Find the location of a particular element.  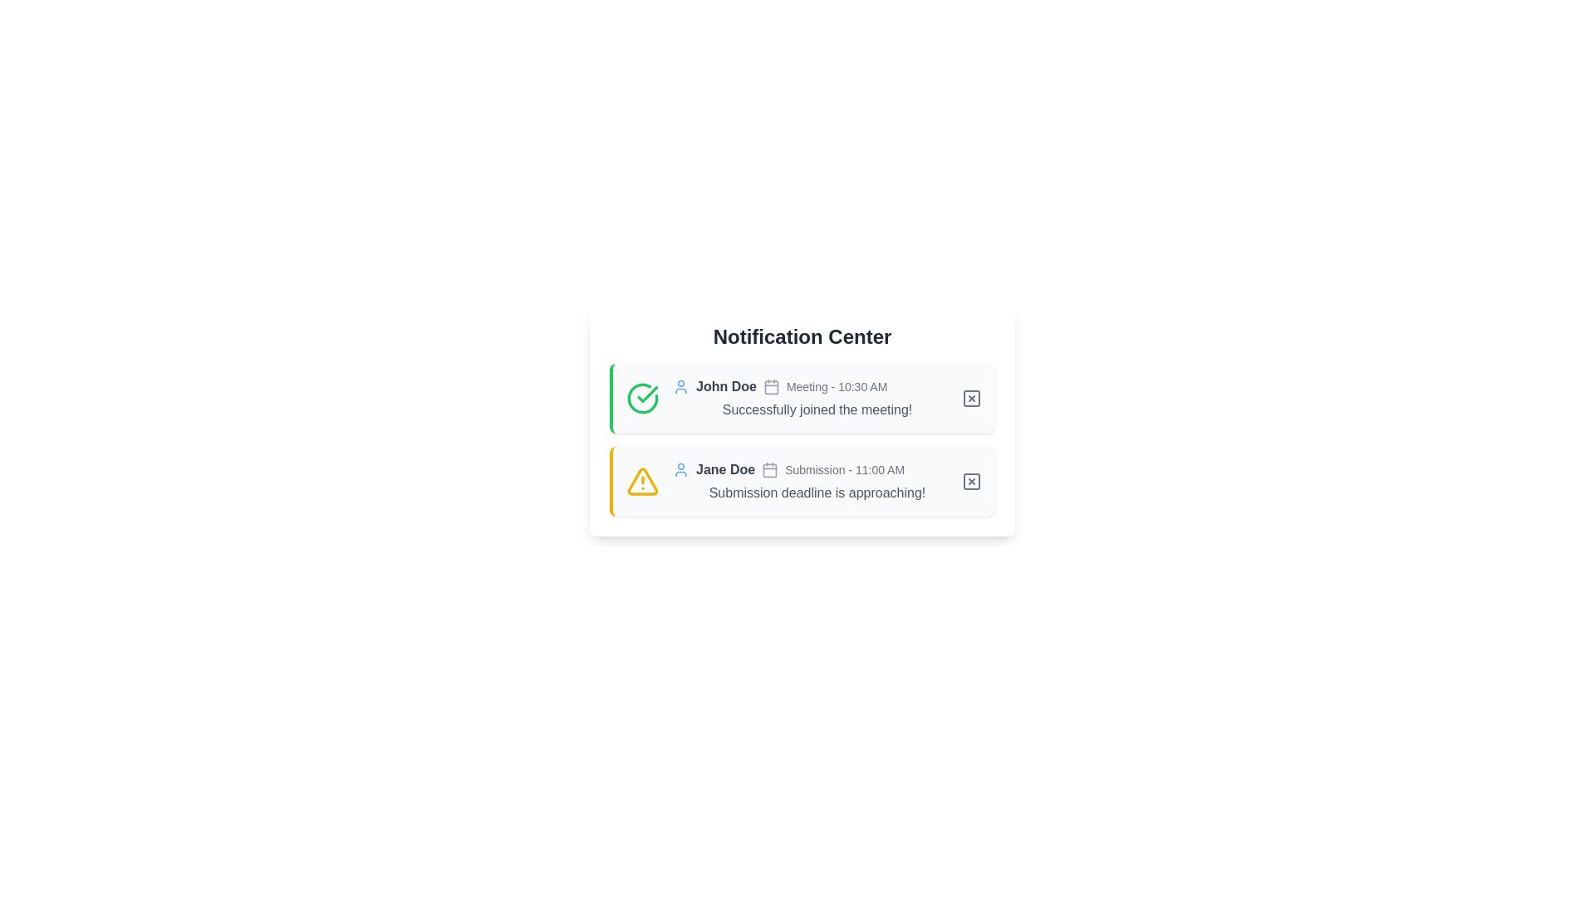

the green circular icon with a white checkmark located in the first notification box, adjacent to the text 'John Doe' is located at coordinates (641, 398).